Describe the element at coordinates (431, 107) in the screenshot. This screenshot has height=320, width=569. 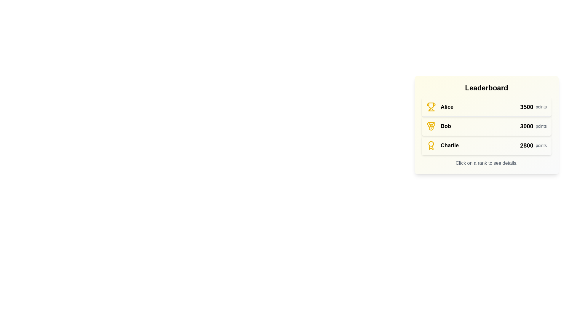
I see `the icon representing rank Alice` at that location.